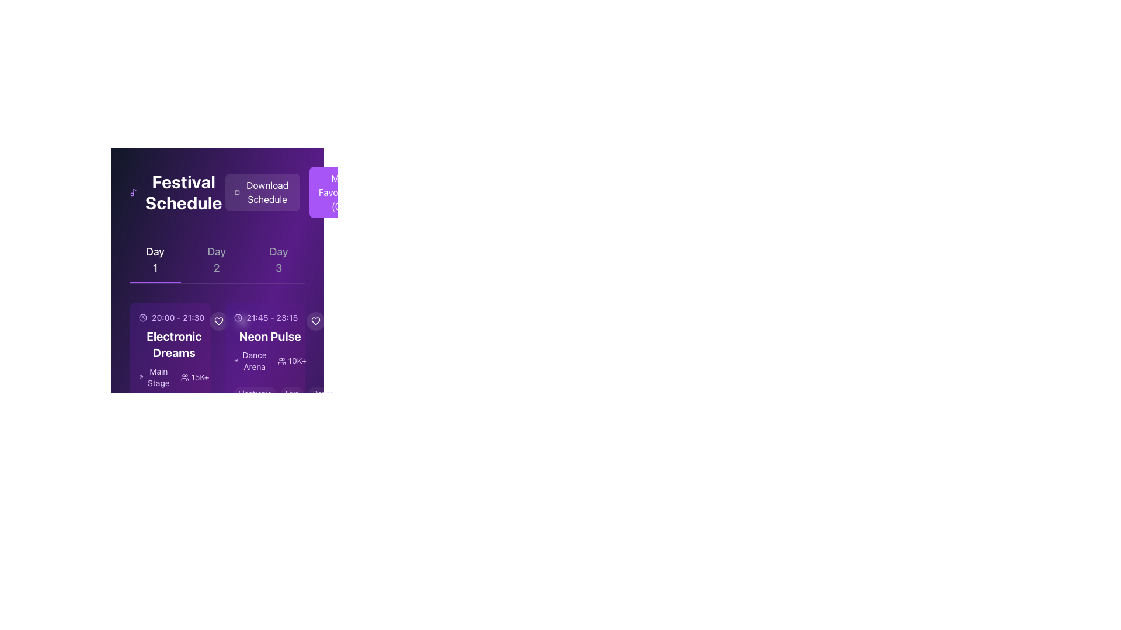  Describe the element at coordinates (173, 350) in the screenshot. I see `the first event information card in the 'Day 1' section of the 'Festival Schedule' interface` at that location.